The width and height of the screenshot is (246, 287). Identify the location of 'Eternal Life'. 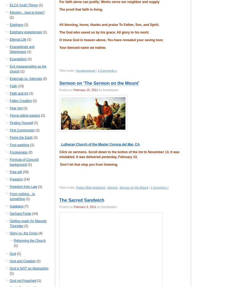
(9, 39).